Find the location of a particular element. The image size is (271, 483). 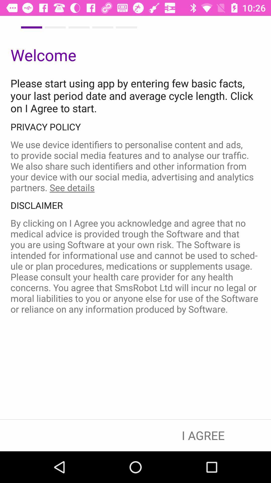

we use device item is located at coordinates (135, 166).